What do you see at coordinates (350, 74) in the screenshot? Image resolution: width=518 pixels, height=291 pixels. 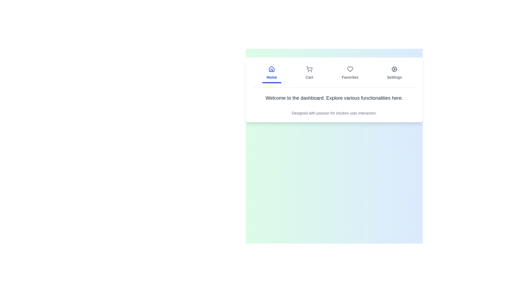 I see `the 'Favorites' navigation button located in the top horizontal navigation bar, which is the third item between 'Cart' and 'Settings'` at bounding box center [350, 74].